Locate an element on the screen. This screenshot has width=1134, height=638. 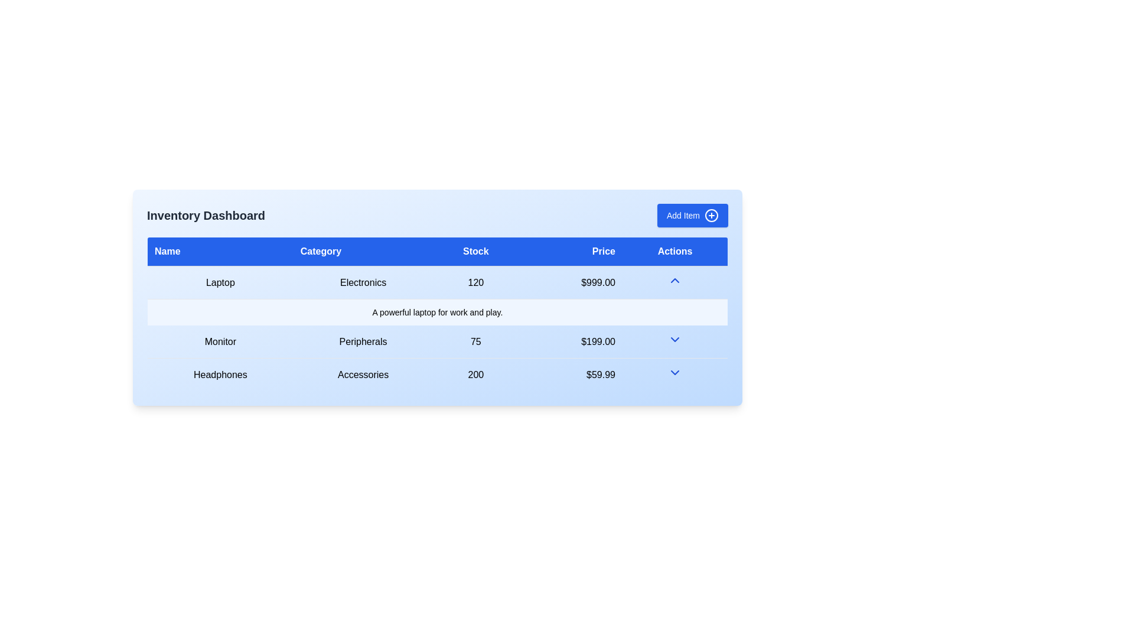
the dropdown activator icon located in the 'Actions' column of the last row in the 'Inventory Dashboard' is located at coordinates (674, 373).